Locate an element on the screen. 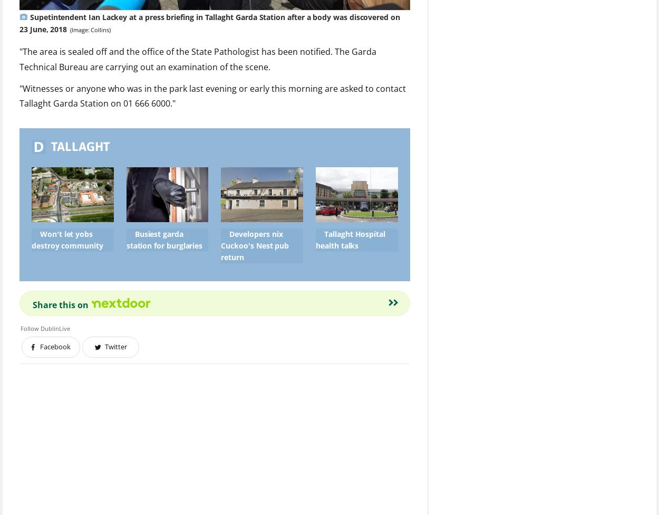 Image resolution: width=659 pixels, height=515 pixels. 'Tallaght' is located at coordinates (80, 146).